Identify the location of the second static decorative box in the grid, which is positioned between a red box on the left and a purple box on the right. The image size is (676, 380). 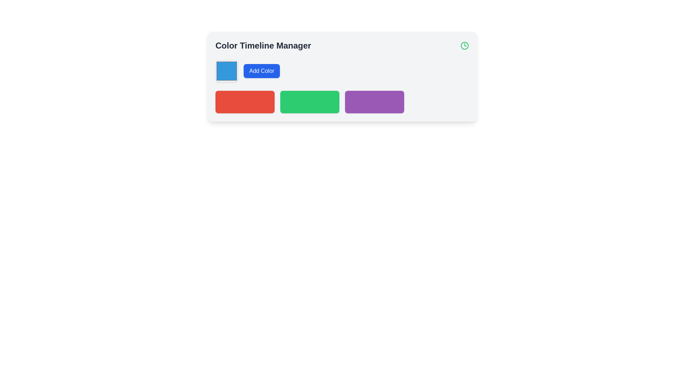
(309, 102).